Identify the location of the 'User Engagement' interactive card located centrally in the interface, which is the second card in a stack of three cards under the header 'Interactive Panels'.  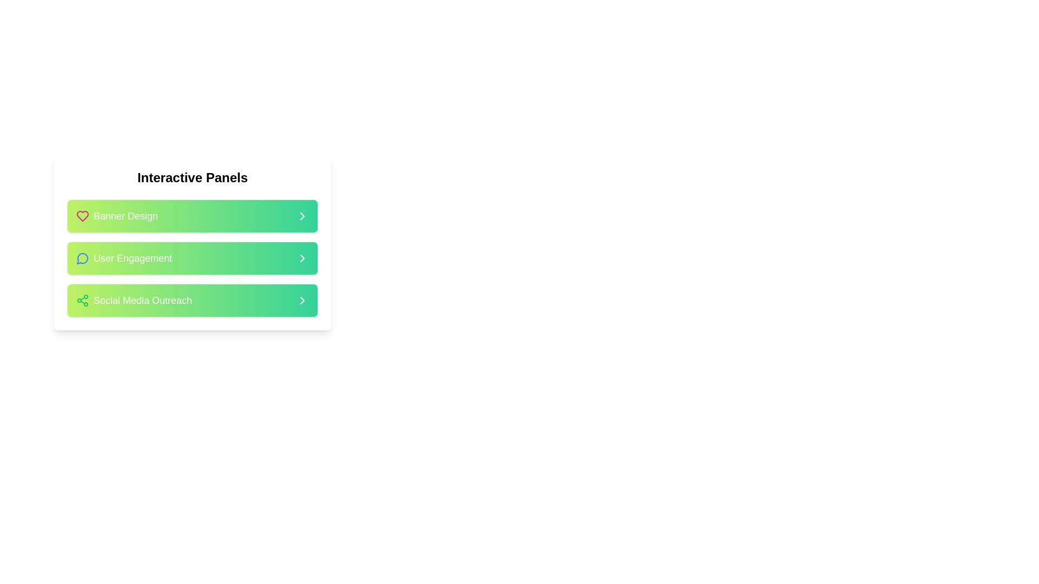
(192, 243).